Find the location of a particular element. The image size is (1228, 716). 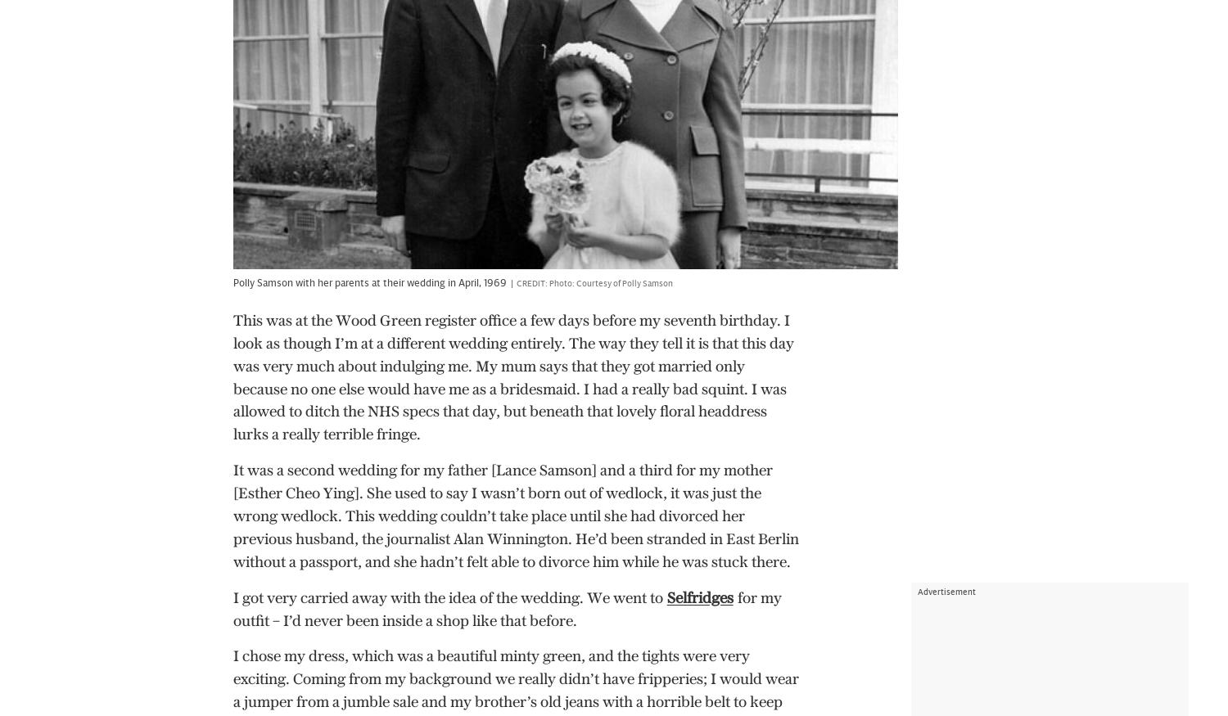

'Tax Strategy' is located at coordinates (531, 573).